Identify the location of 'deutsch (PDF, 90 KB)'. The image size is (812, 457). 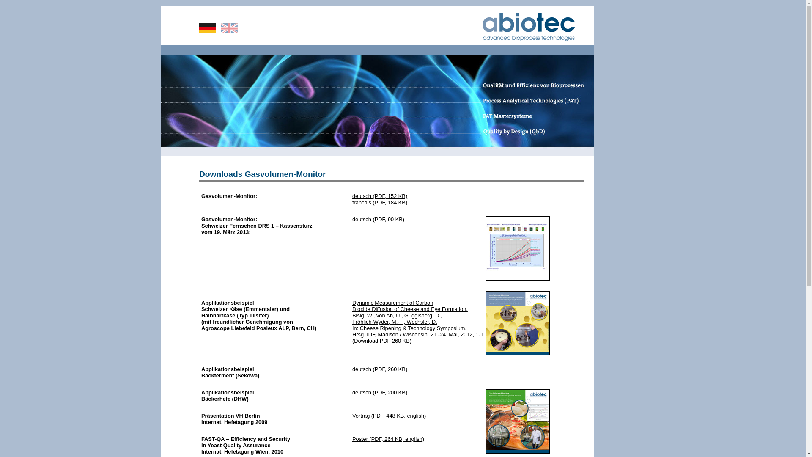
(378, 219).